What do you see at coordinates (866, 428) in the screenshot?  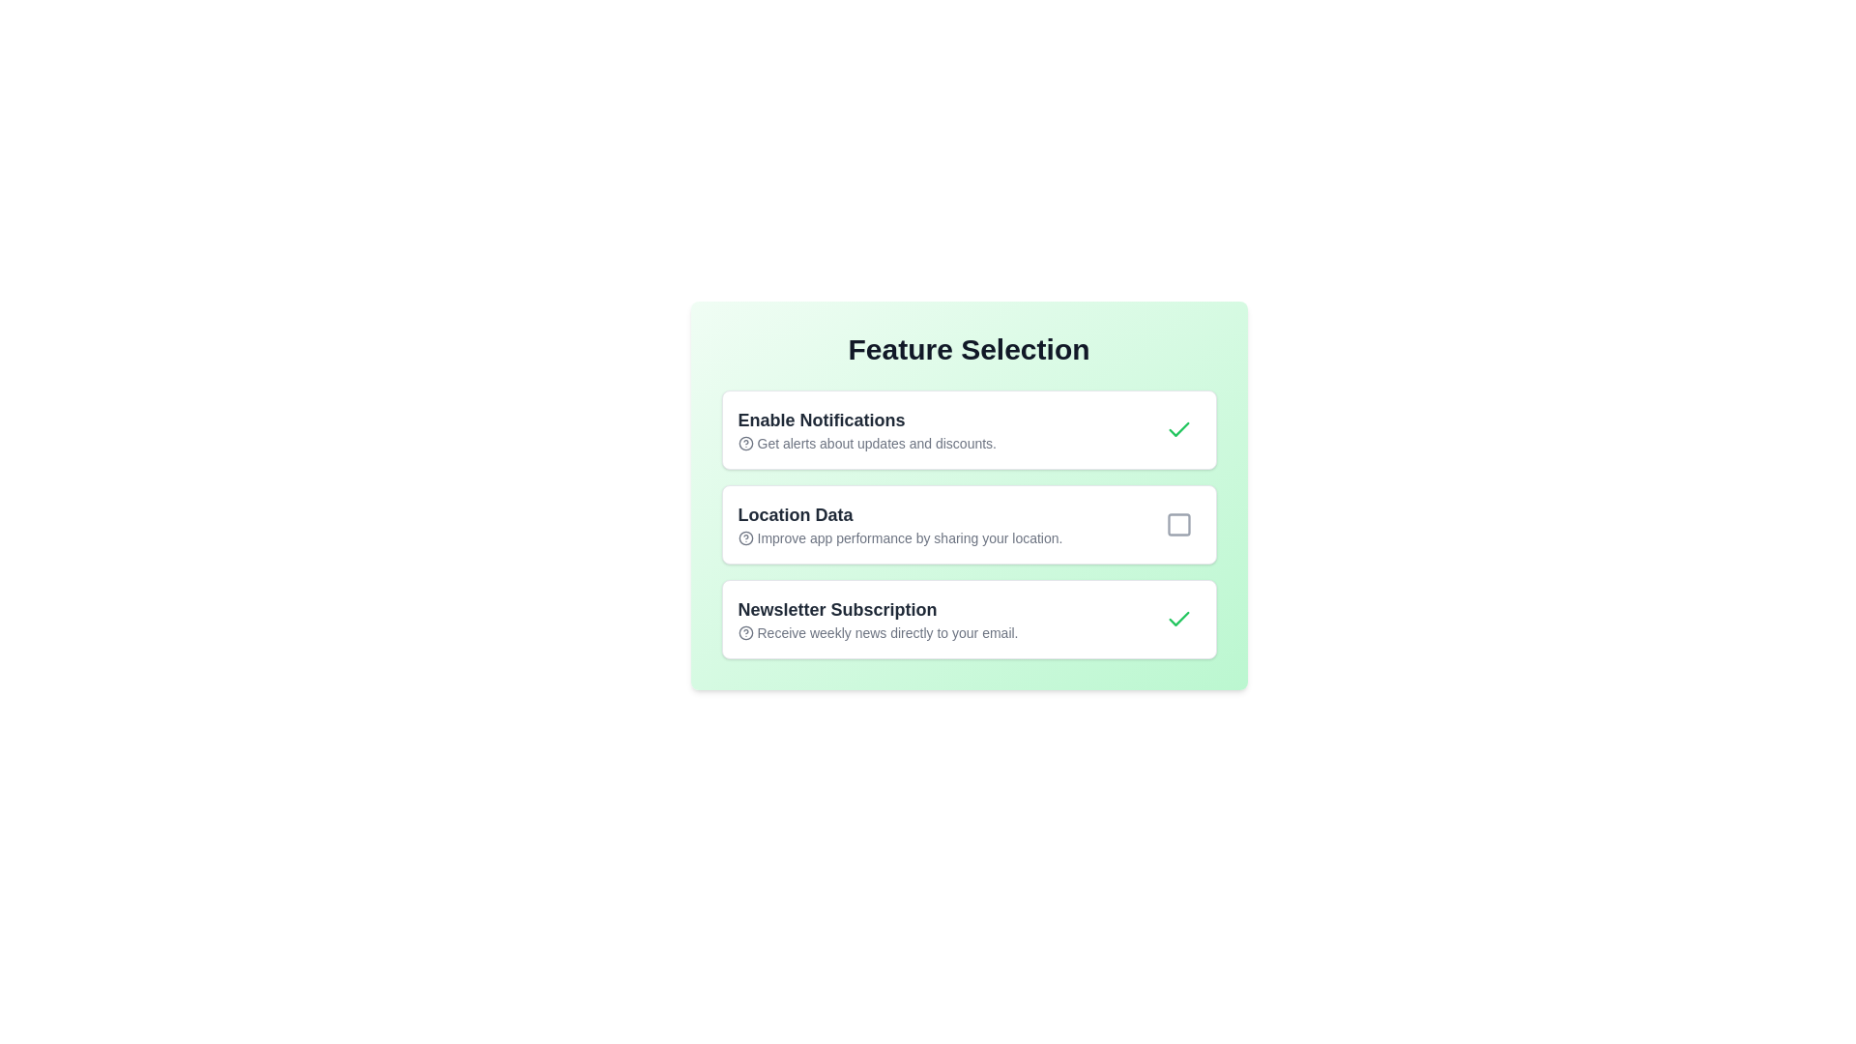 I see `the descriptive content of the 'Enable Notifications' text element` at bounding box center [866, 428].